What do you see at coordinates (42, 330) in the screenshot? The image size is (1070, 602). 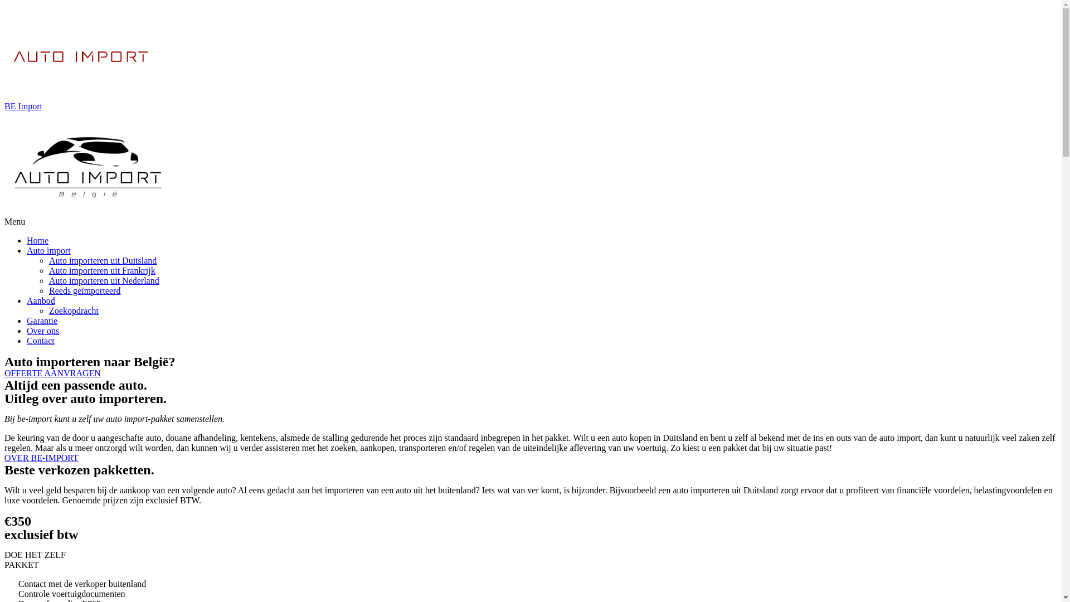 I see `'Over ons'` at bounding box center [42, 330].